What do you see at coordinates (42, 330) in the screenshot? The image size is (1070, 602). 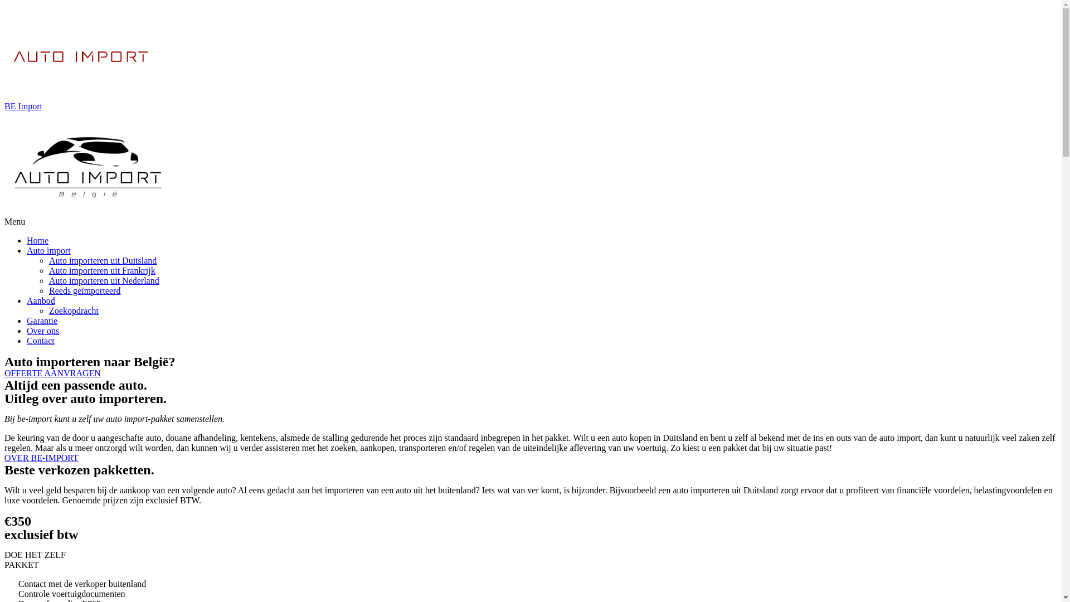 I see `'Over ons'` at bounding box center [42, 330].